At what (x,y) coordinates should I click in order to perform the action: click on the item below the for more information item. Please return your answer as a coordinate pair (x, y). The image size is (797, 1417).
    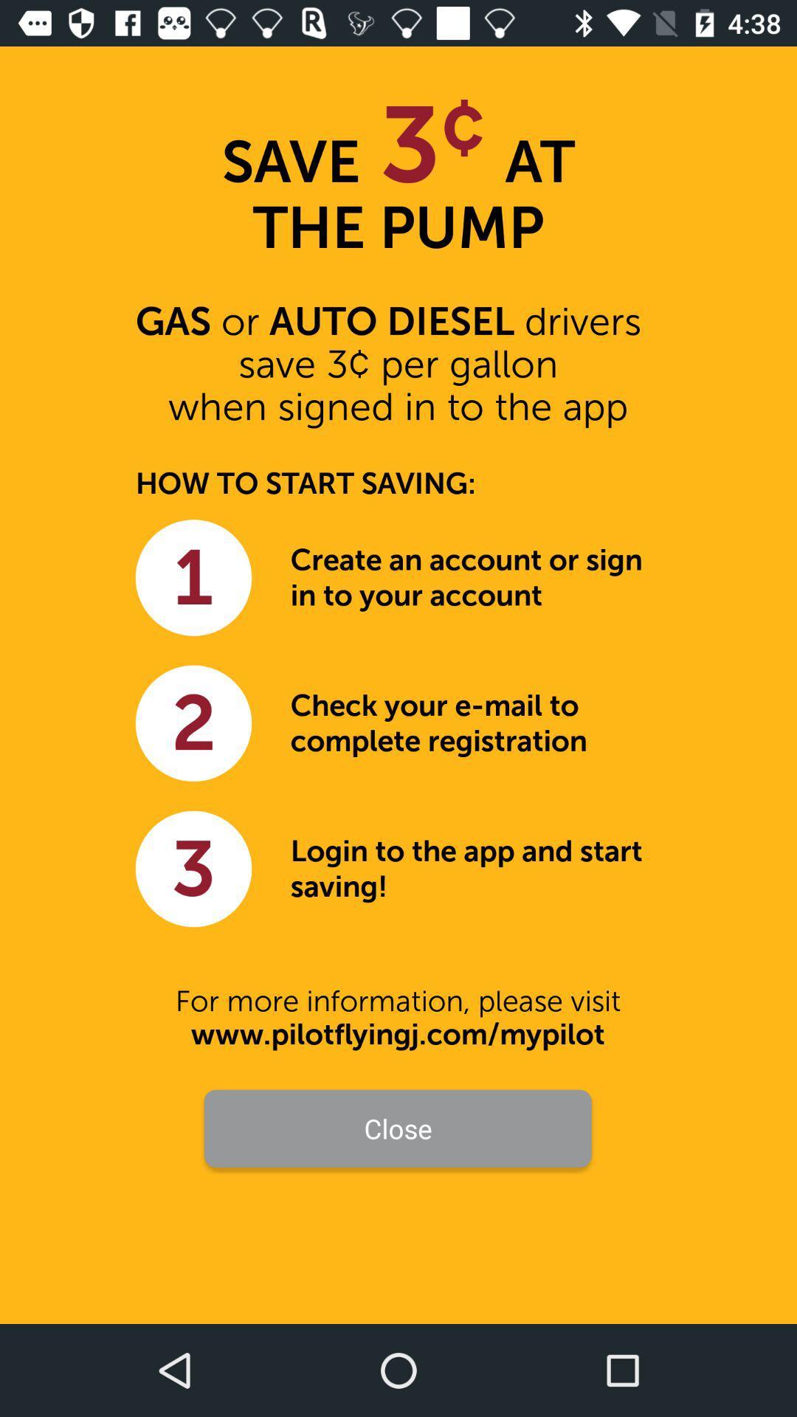
    Looking at the image, I should click on (397, 1033).